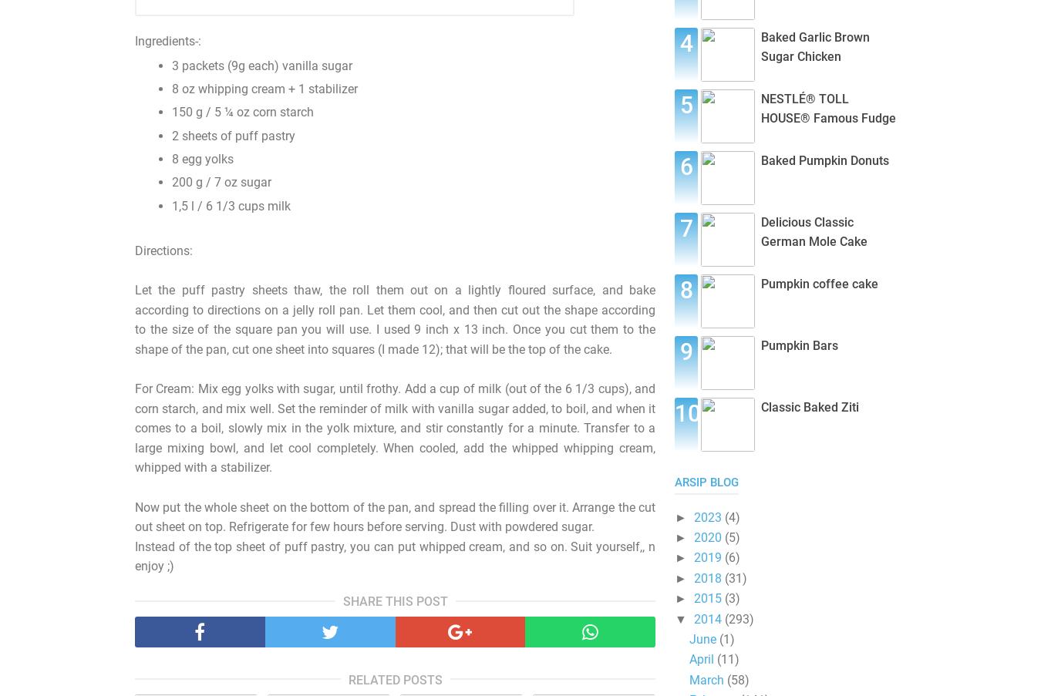 The width and height of the screenshot is (1041, 696). Describe the element at coordinates (723, 516) in the screenshot. I see `'(4)'` at that location.